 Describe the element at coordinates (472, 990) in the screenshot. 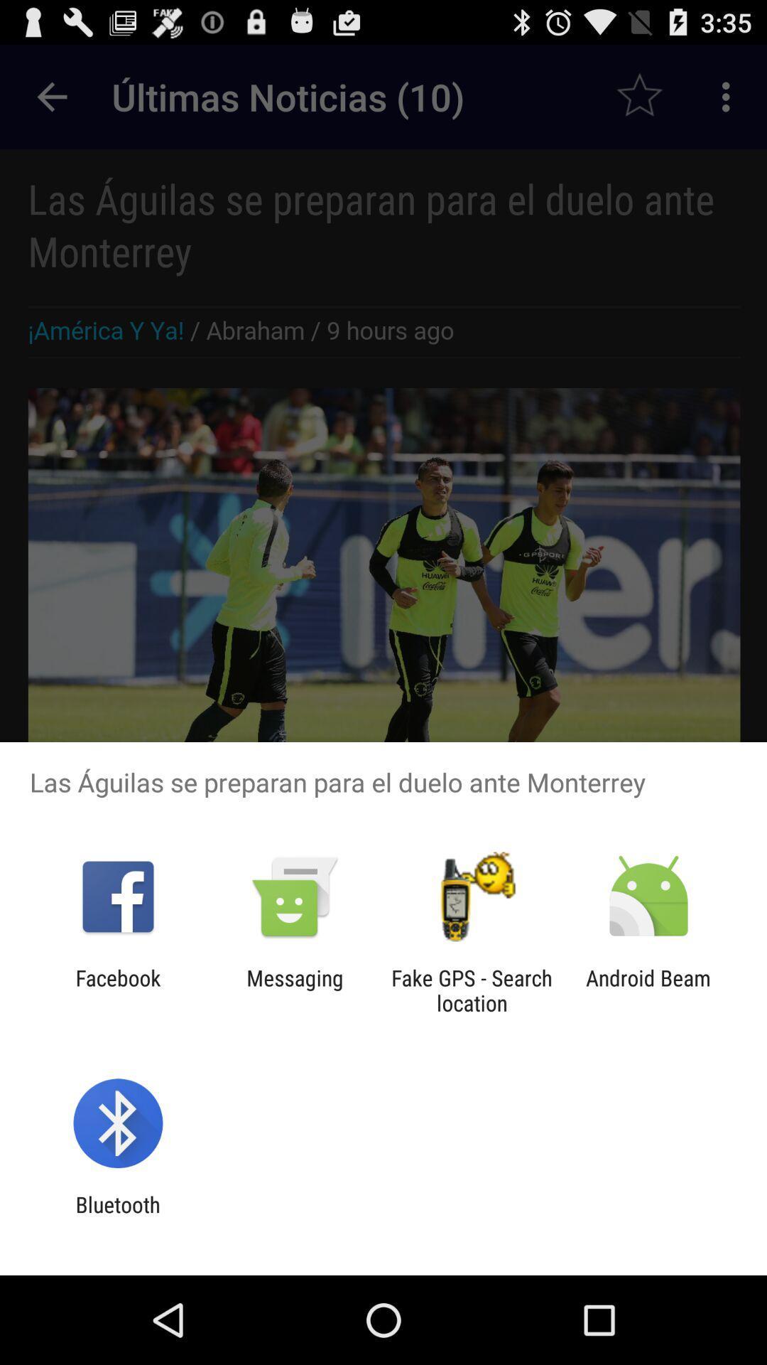

I see `app next to messaging` at that location.